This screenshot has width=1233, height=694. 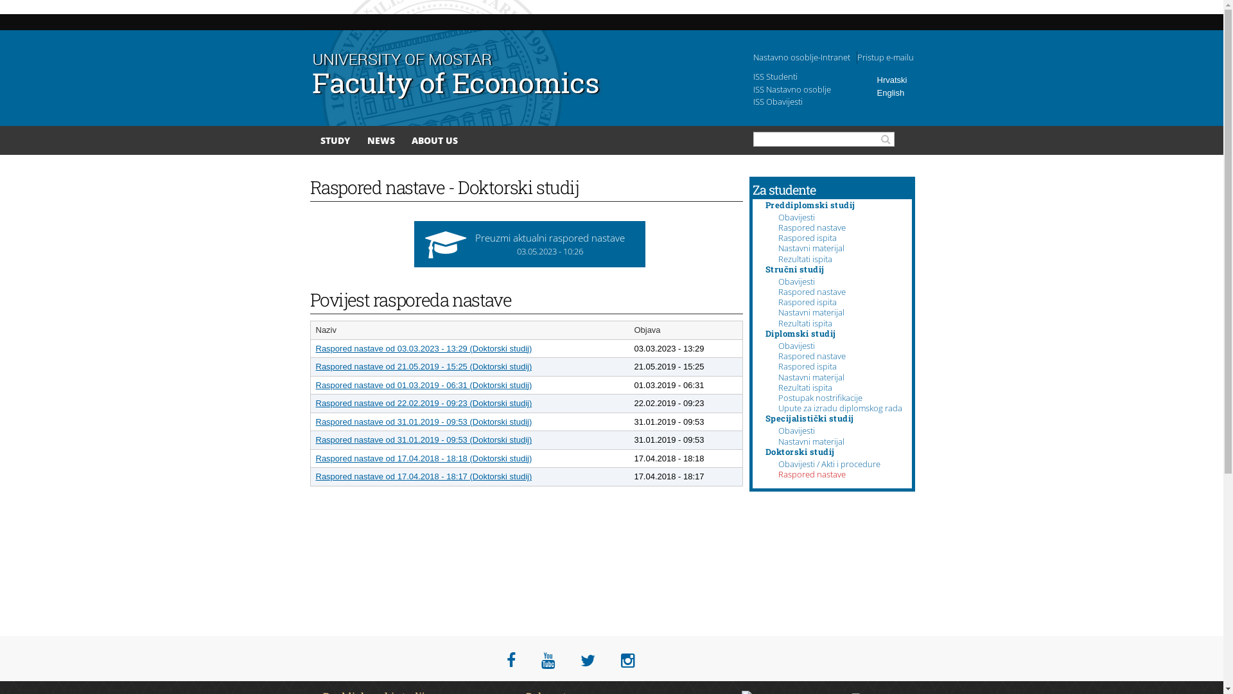 What do you see at coordinates (424, 348) in the screenshot?
I see `'Raspored nastave od 03.03.2023 - 13:29 (Doktorski studij)'` at bounding box center [424, 348].